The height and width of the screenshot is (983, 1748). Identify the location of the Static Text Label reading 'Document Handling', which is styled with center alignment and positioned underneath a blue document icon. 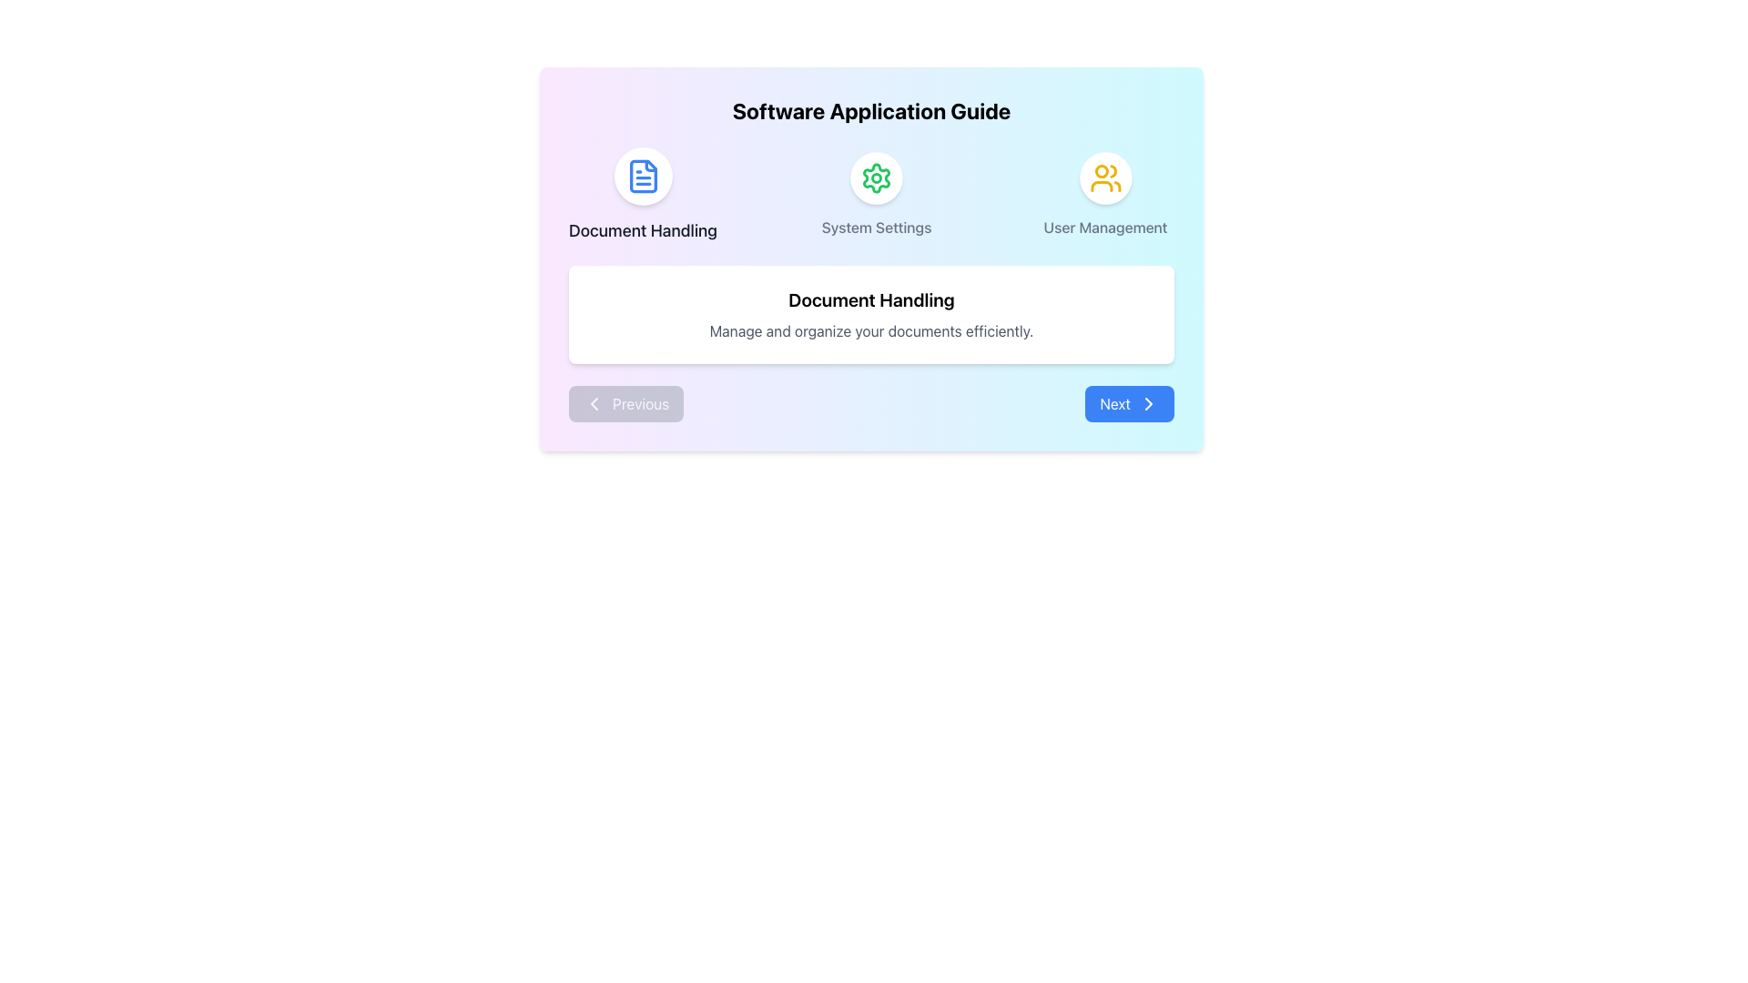
(643, 196).